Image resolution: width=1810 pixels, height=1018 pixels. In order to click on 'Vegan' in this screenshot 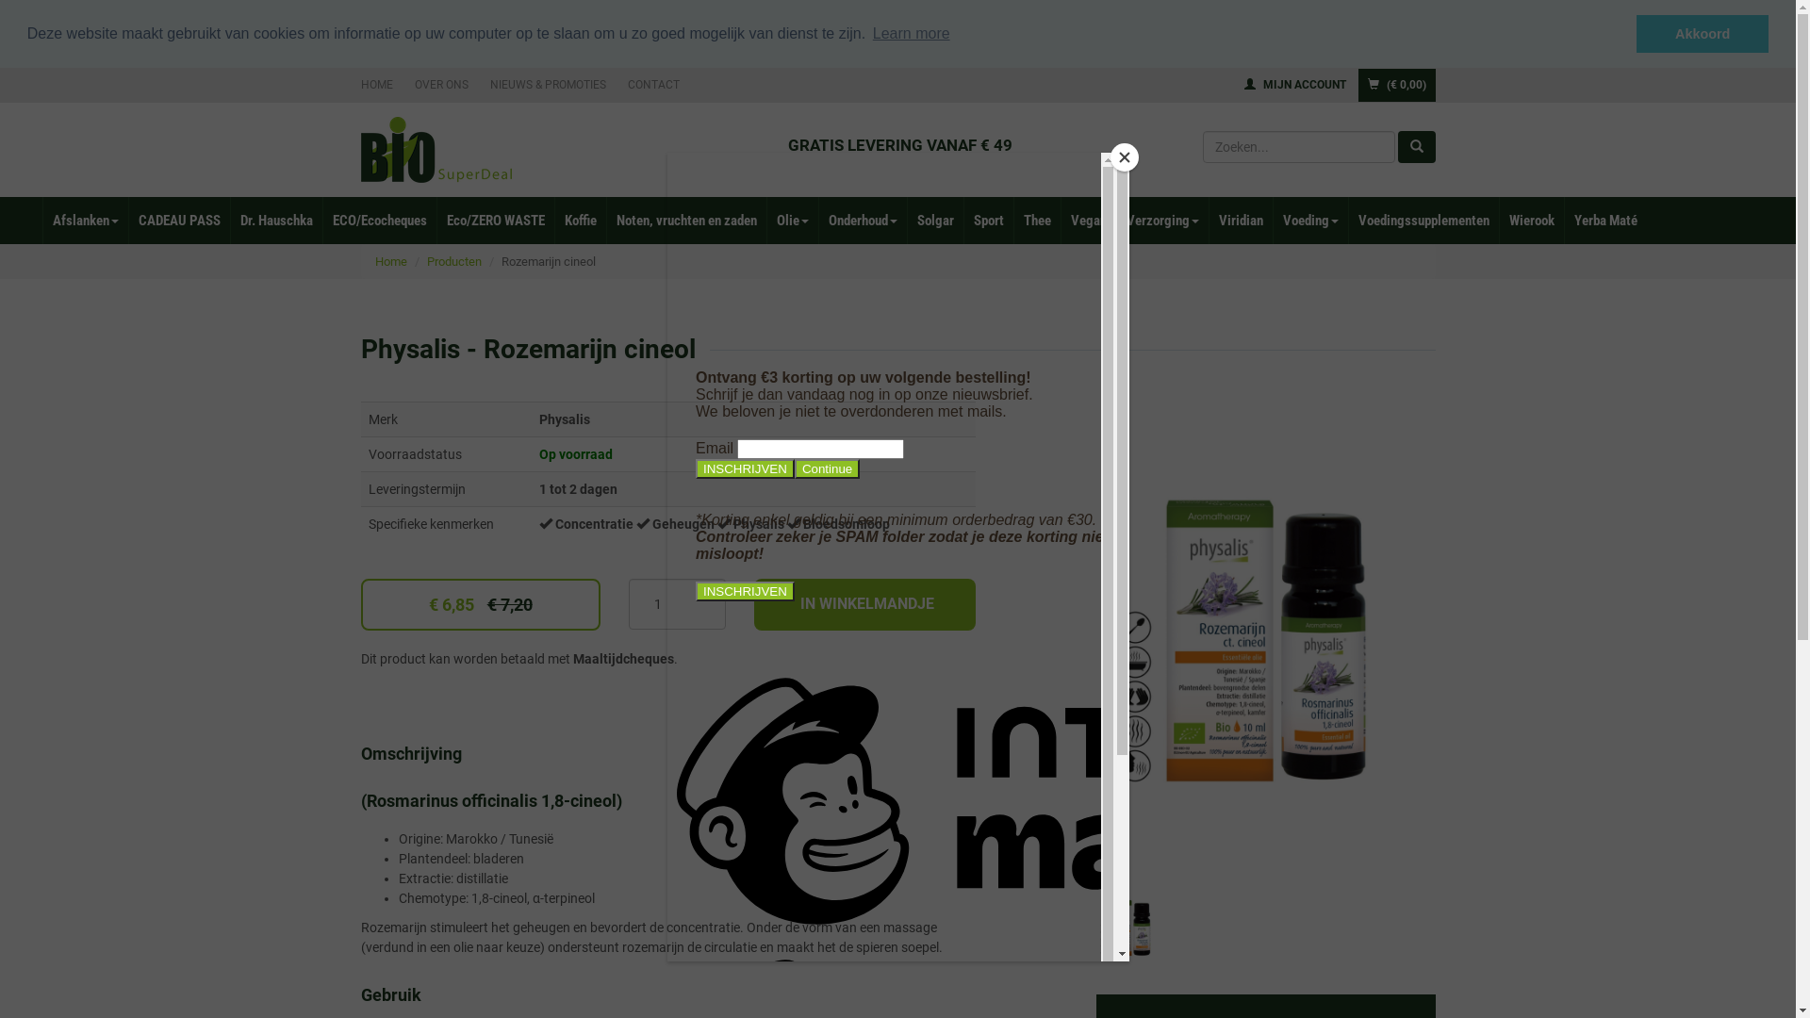, I will do `click(1088, 218)`.